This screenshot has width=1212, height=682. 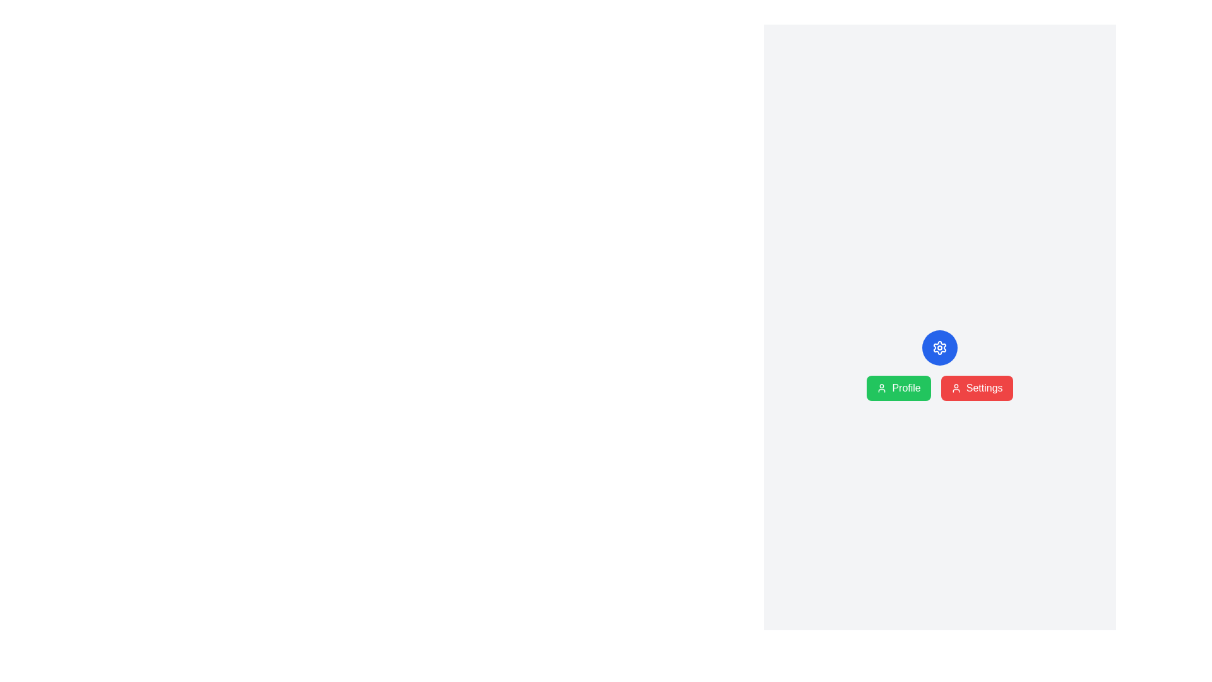 What do you see at coordinates (881, 387) in the screenshot?
I see `the 'Profile' button which contains a user icon resembling an outline of a head and shoulders, located on the left side of the button` at bounding box center [881, 387].